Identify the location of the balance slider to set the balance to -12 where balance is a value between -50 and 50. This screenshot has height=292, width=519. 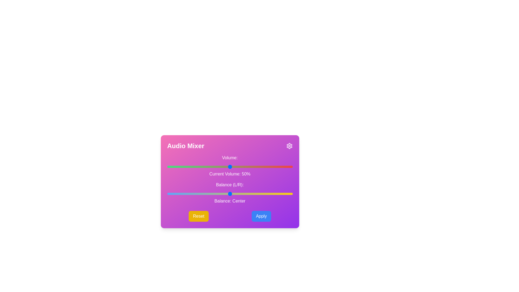
(214, 194).